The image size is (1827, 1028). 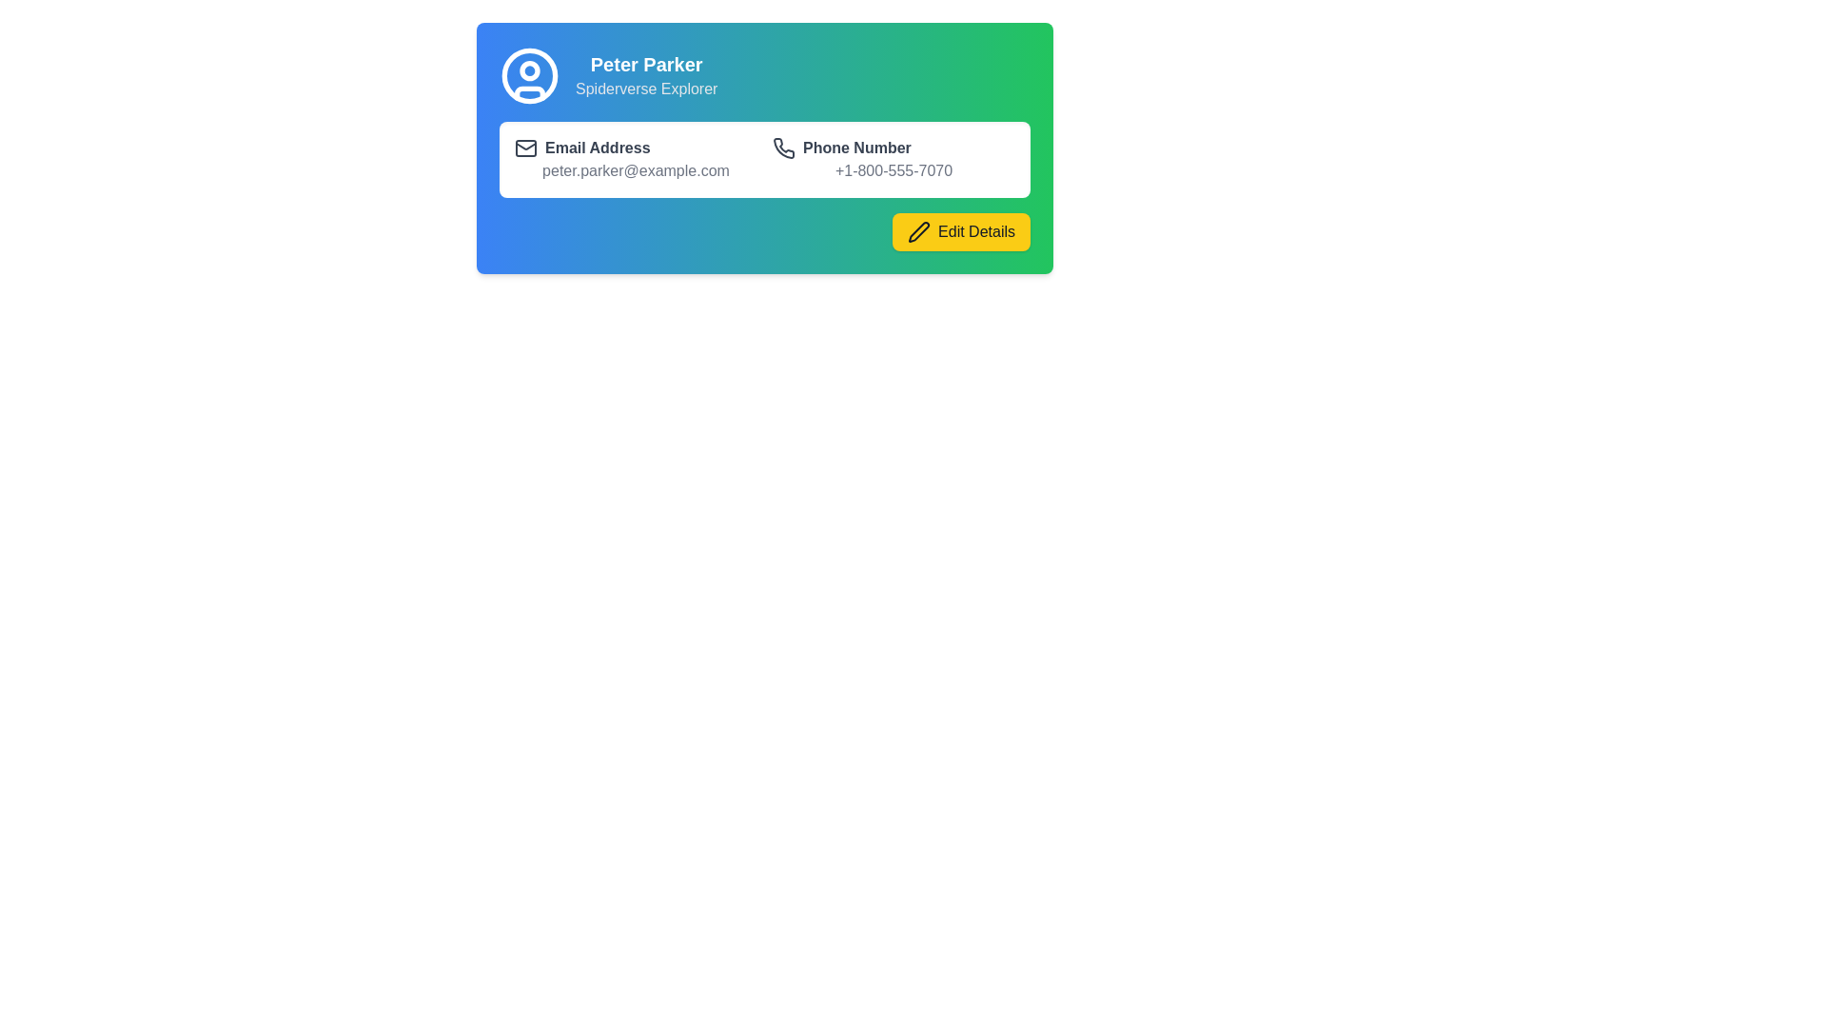 What do you see at coordinates (646, 75) in the screenshot?
I see `the text block displaying 'Peter Parker' and 'Spiderverse Explorer', which is positioned to the right of a user icon and has a gradient background` at bounding box center [646, 75].